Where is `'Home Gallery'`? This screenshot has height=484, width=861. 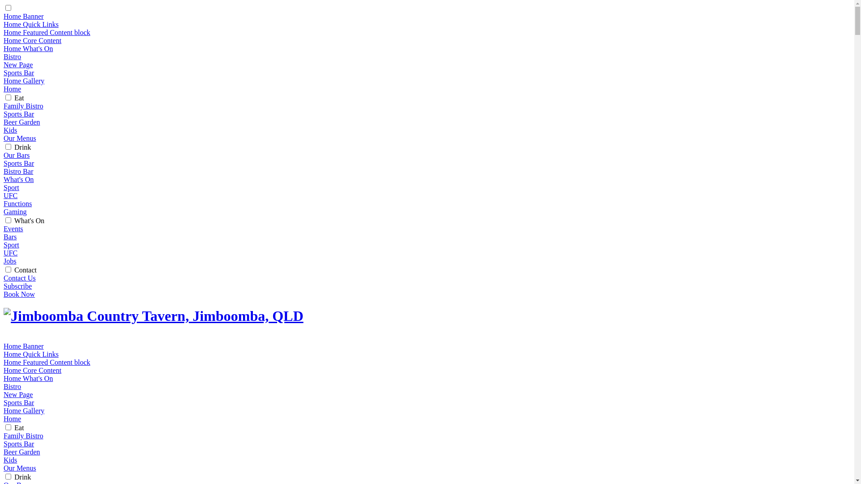 'Home Gallery' is located at coordinates (24, 81).